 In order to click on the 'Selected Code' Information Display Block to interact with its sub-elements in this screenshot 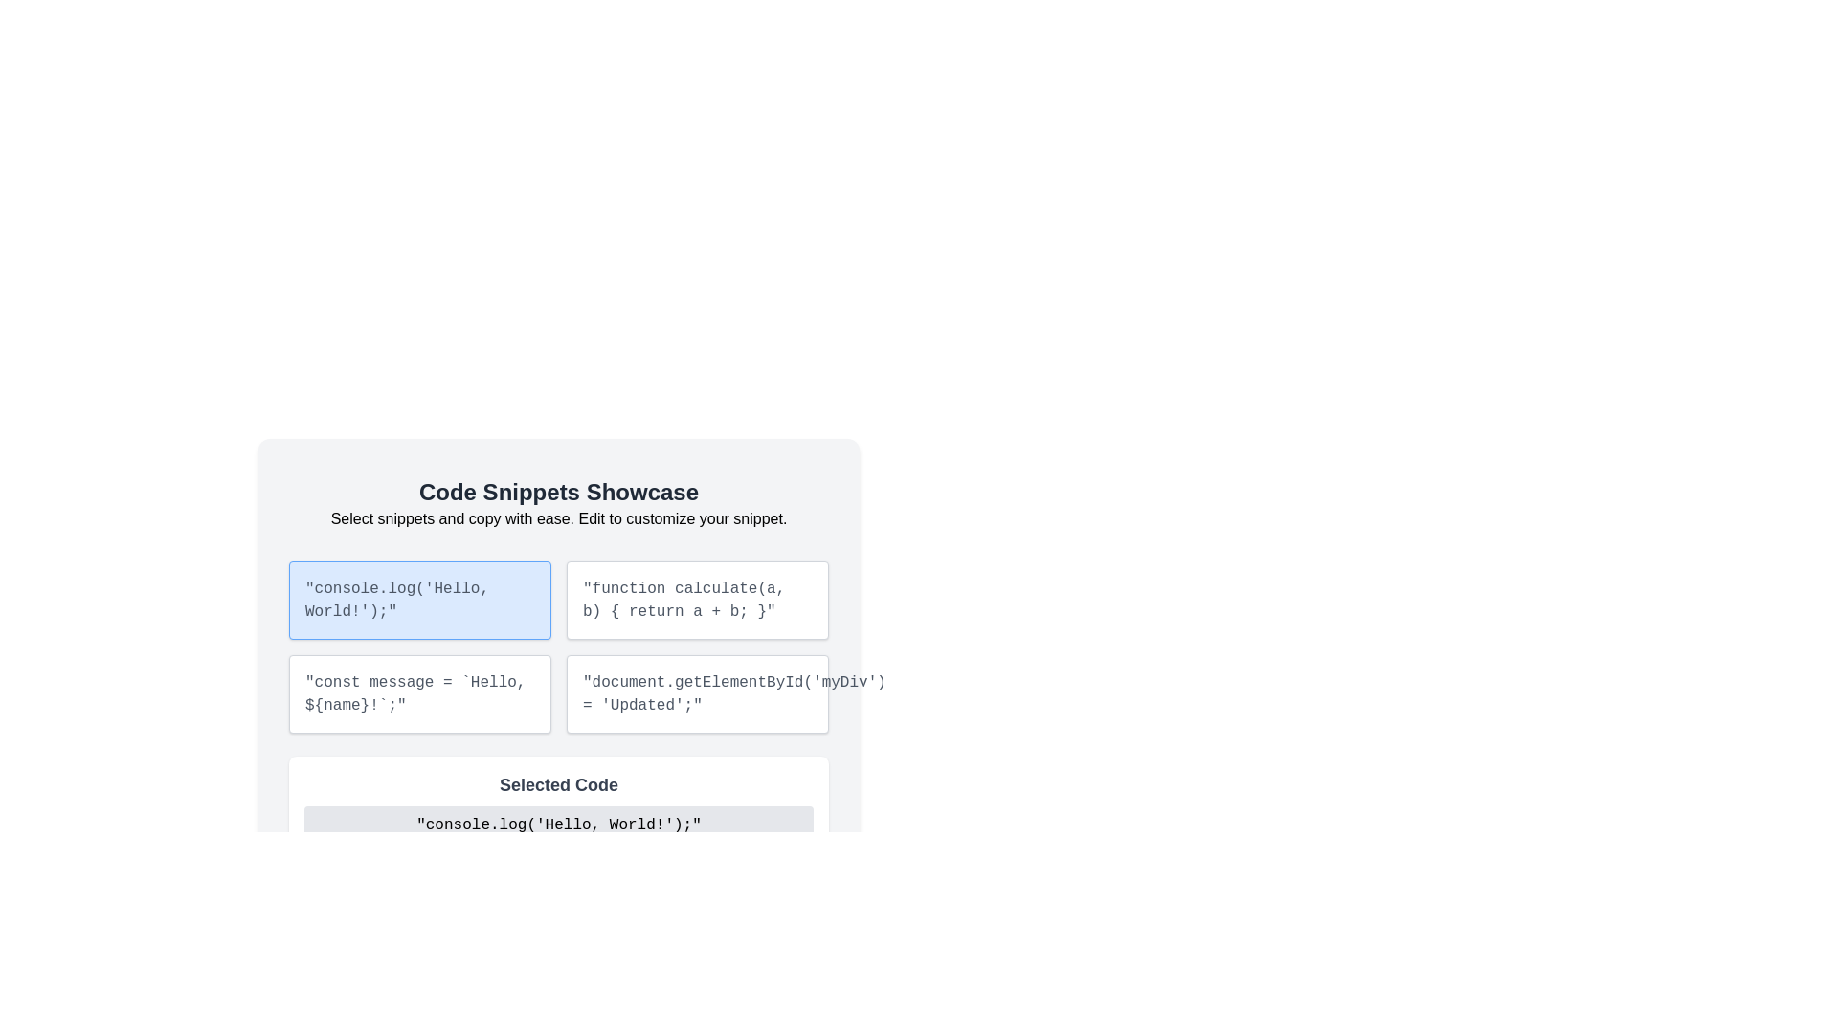, I will do `click(558, 833)`.